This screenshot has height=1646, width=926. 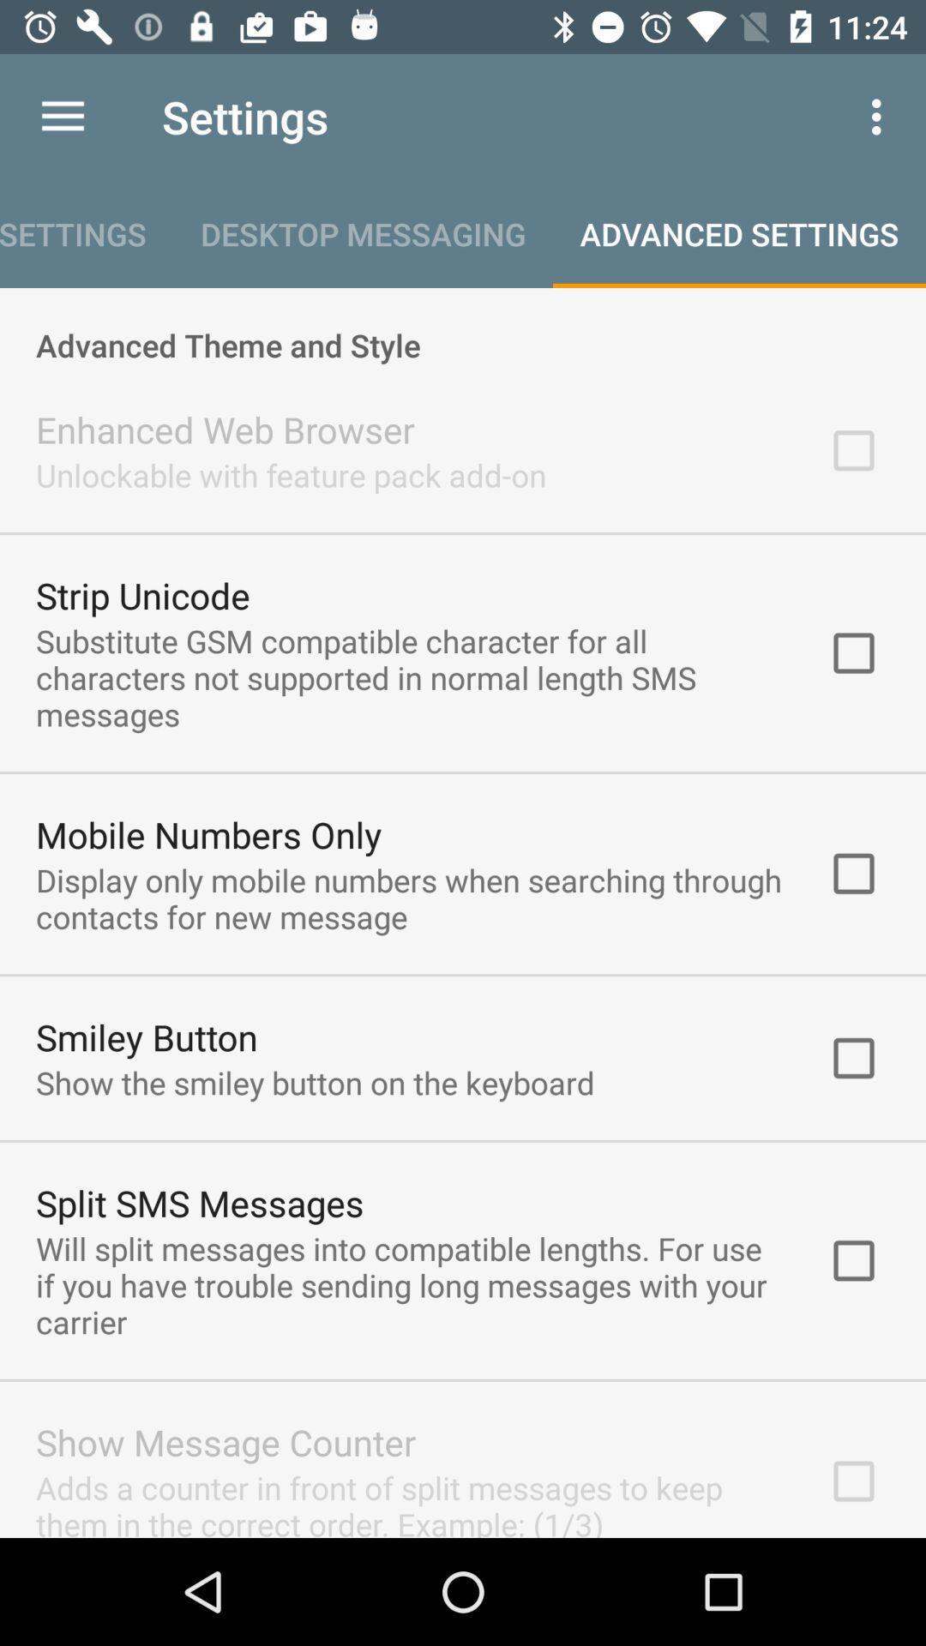 What do you see at coordinates (290, 475) in the screenshot?
I see `the item above strip unicode` at bounding box center [290, 475].